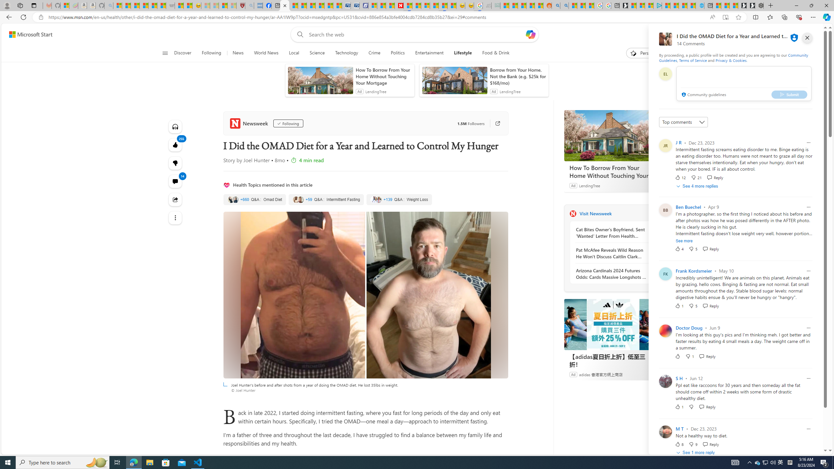 Image resolution: width=834 pixels, height=469 pixels. What do you see at coordinates (494, 123) in the screenshot?
I see `'Go to publisher'` at bounding box center [494, 123].